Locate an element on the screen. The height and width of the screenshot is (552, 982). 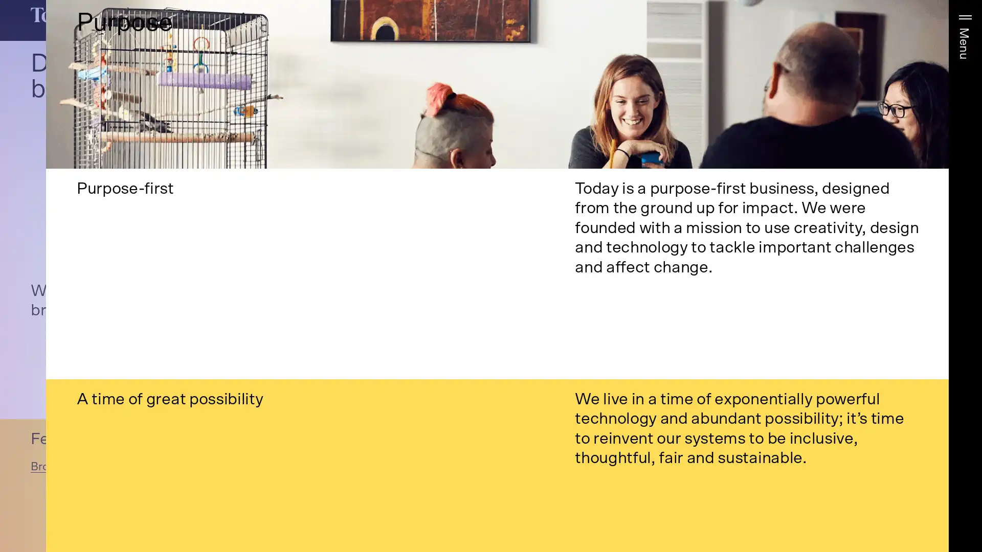
More is located at coordinates (928, 16).